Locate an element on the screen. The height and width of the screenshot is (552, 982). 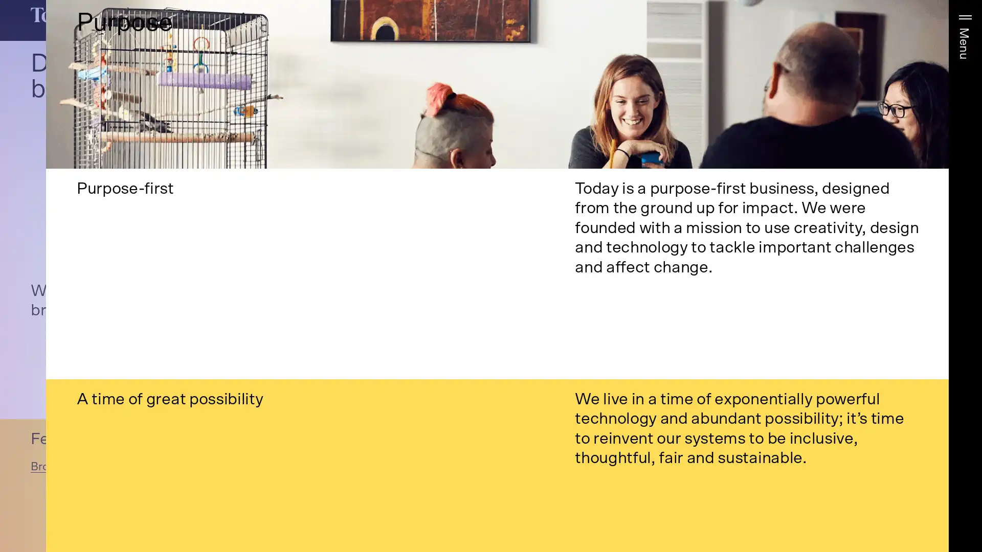
More is located at coordinates (928, 16).